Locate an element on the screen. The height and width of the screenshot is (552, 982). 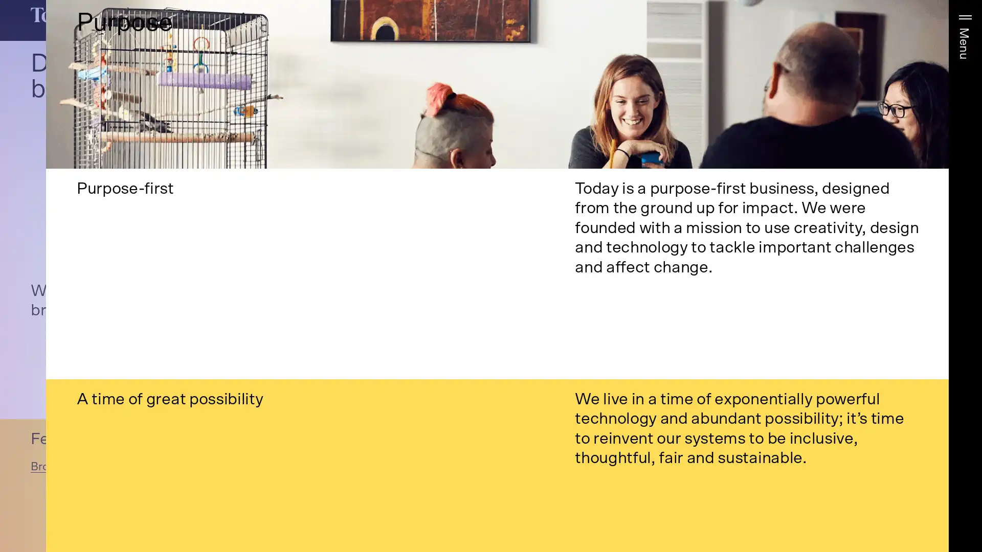
More is located at coordinates (928, 16).